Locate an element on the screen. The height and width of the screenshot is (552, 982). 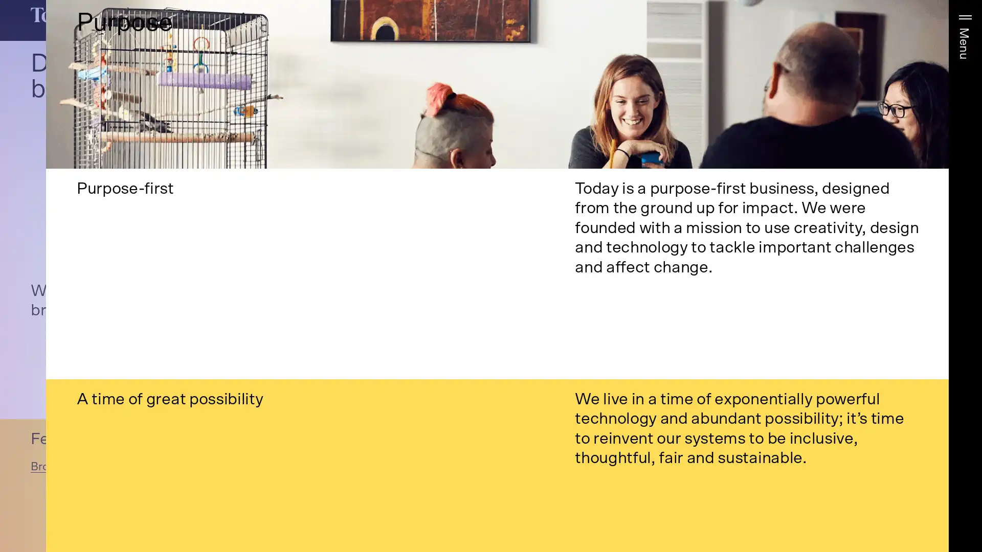
More is located at coordinates (928, 16).